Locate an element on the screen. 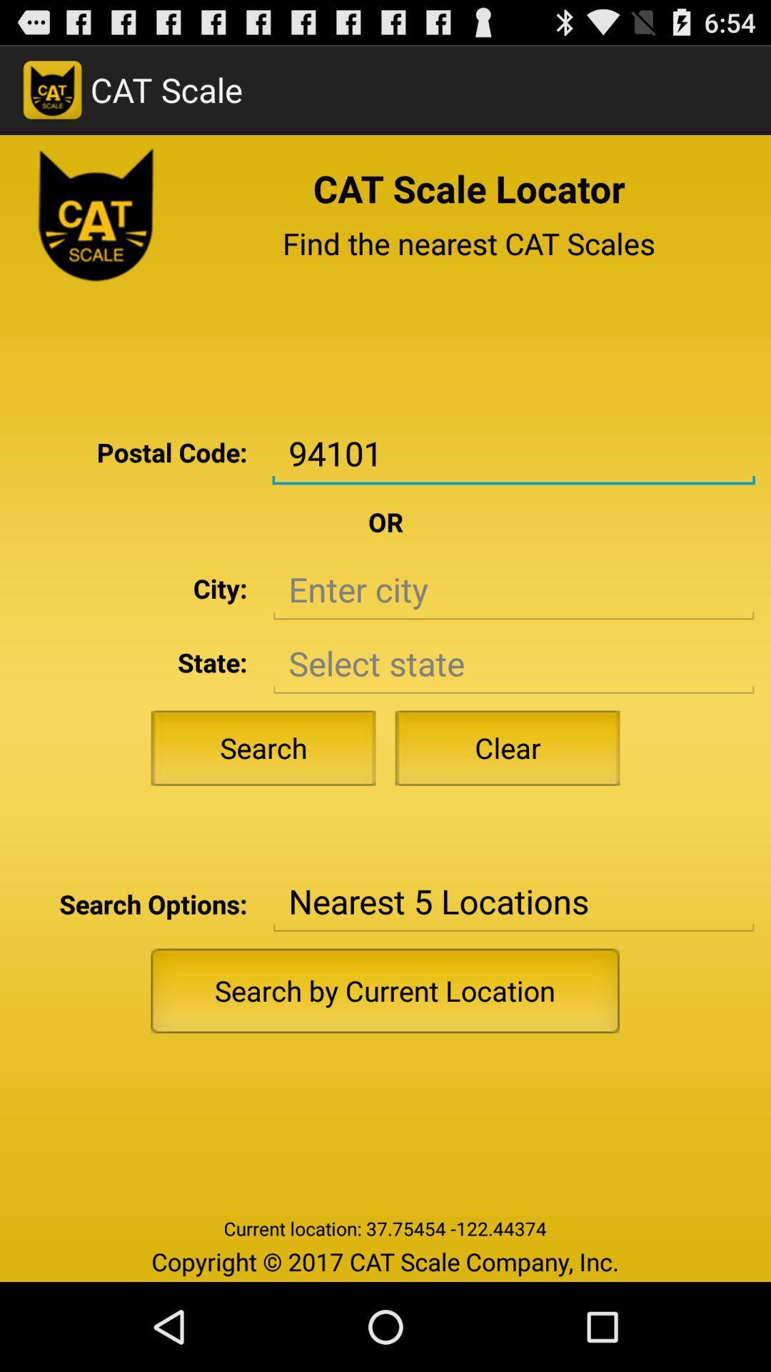 This screenshot has width=771, height=1372. city name is located at coordinates (513, 590).